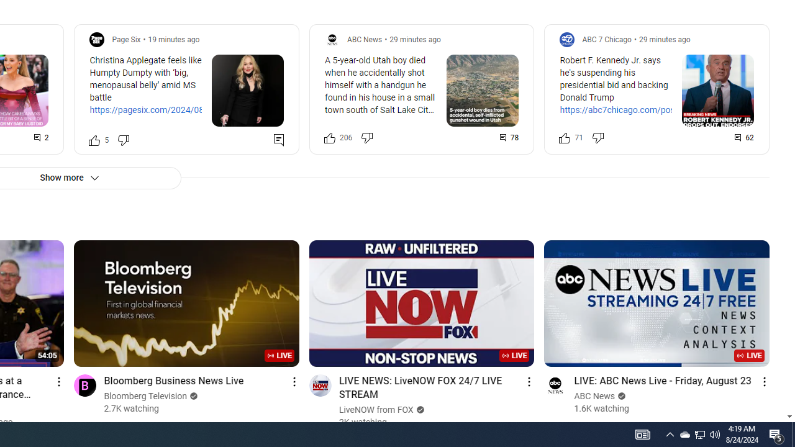  What do you see at coordinates (94, 140) in the screenshot?
I see `'Like this post along with 5 other people'` at bounding box center [94, 140].